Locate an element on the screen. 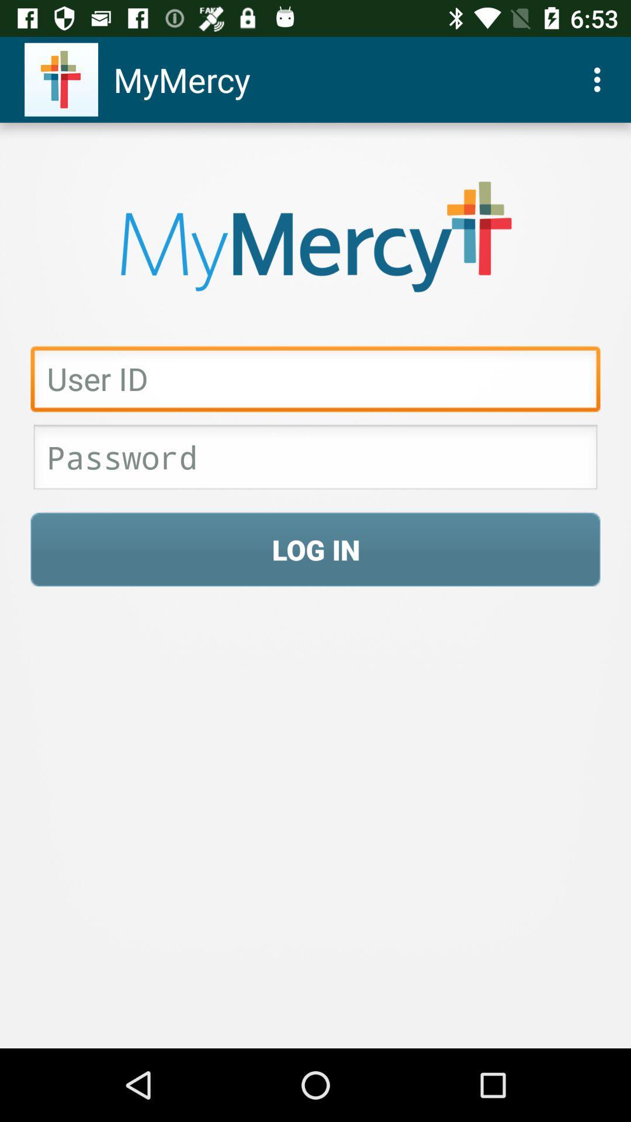 This screenshot has width=631, height=1122. icon next to the mymercy is located at coordinates (600, 79).